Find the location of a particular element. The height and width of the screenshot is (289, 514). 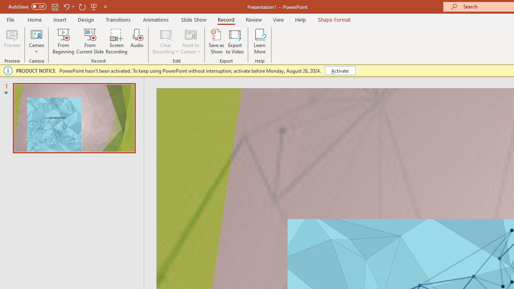

'From Current Slide...' is located at coordinates (90, 41).